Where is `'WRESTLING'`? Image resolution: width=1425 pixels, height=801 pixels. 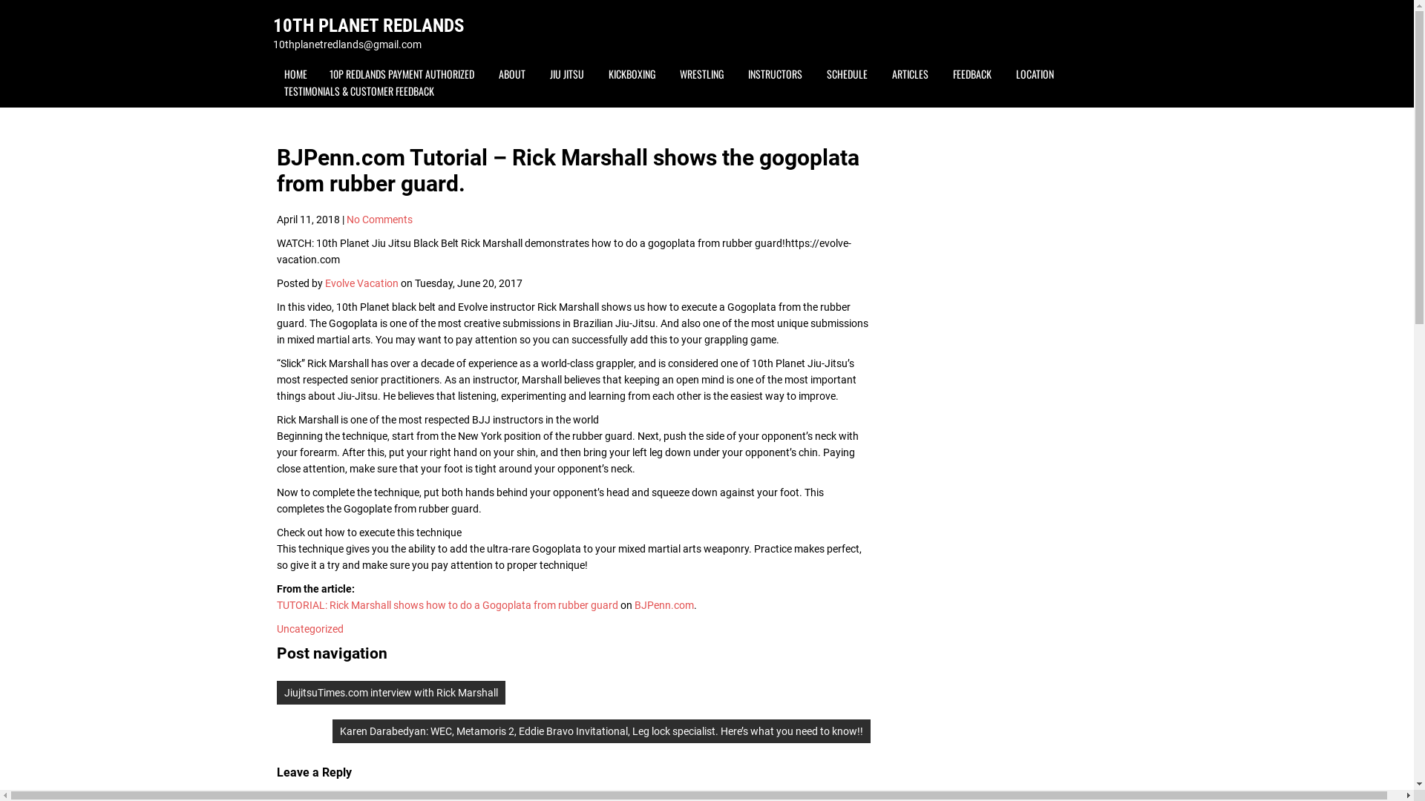 'WRESTLING' is located at coordinates (700, 73).